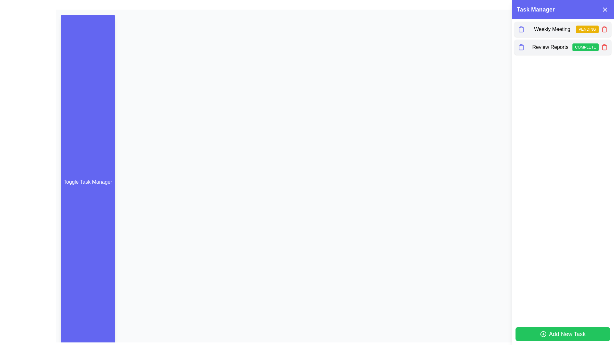 Image resolution: width=614 pixels, height=345 pixels. I want to click on the first task item in the 'Task Manager' list, which displays the text 'Weekly Meeting' with a yellow 'PENDING' badge, so click(563, 29).